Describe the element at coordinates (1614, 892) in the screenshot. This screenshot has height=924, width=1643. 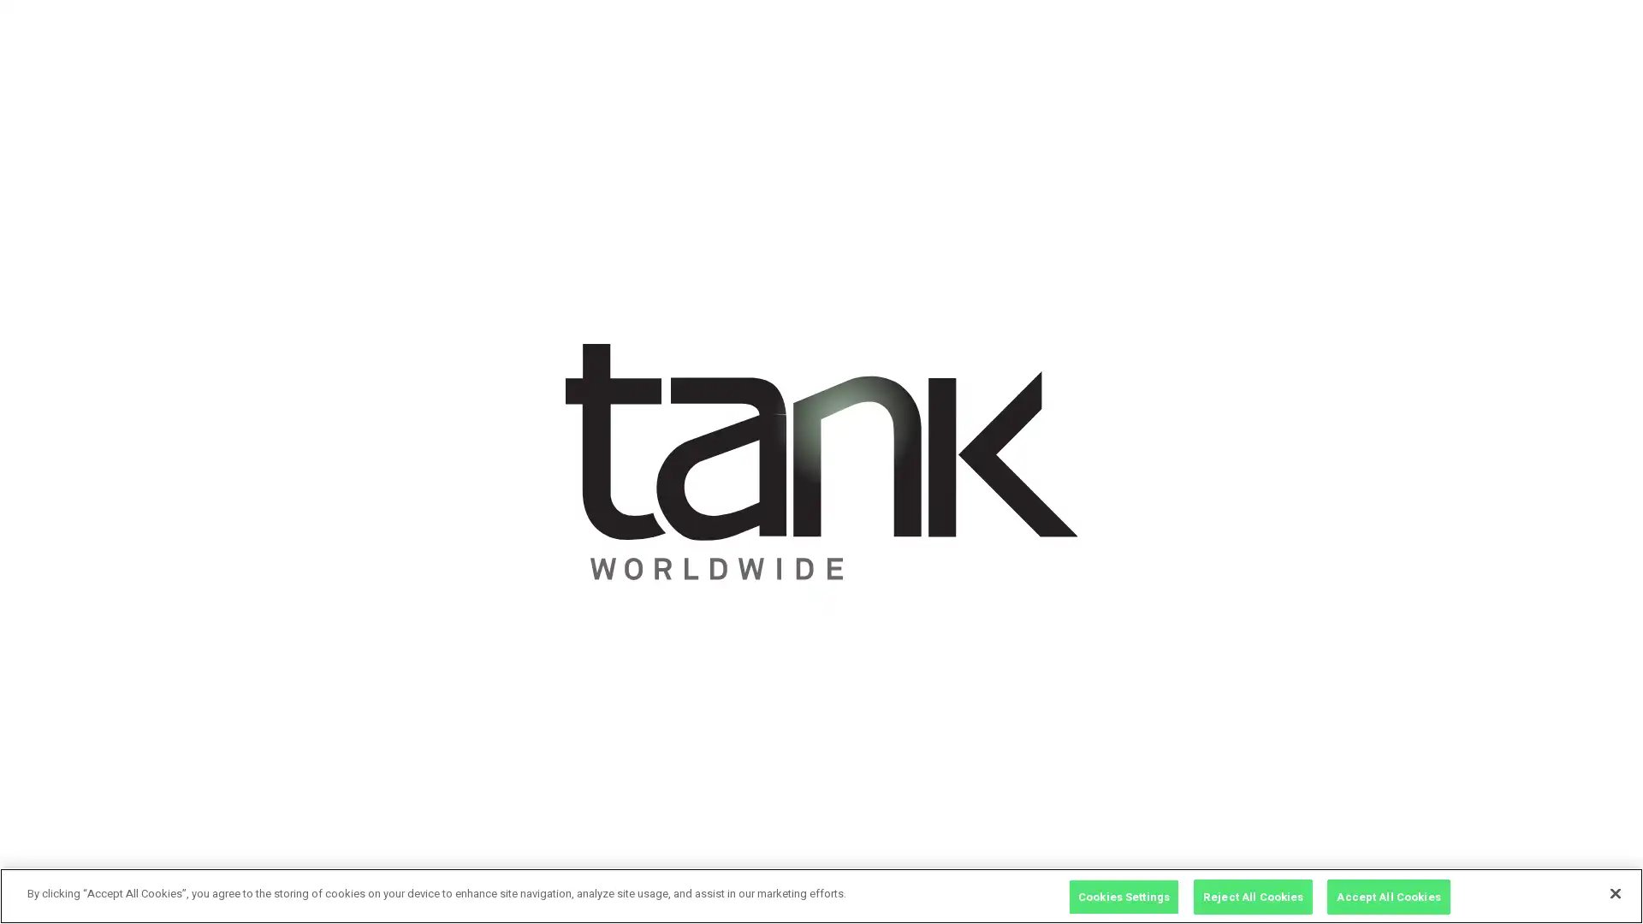
I see `Close` at that location.